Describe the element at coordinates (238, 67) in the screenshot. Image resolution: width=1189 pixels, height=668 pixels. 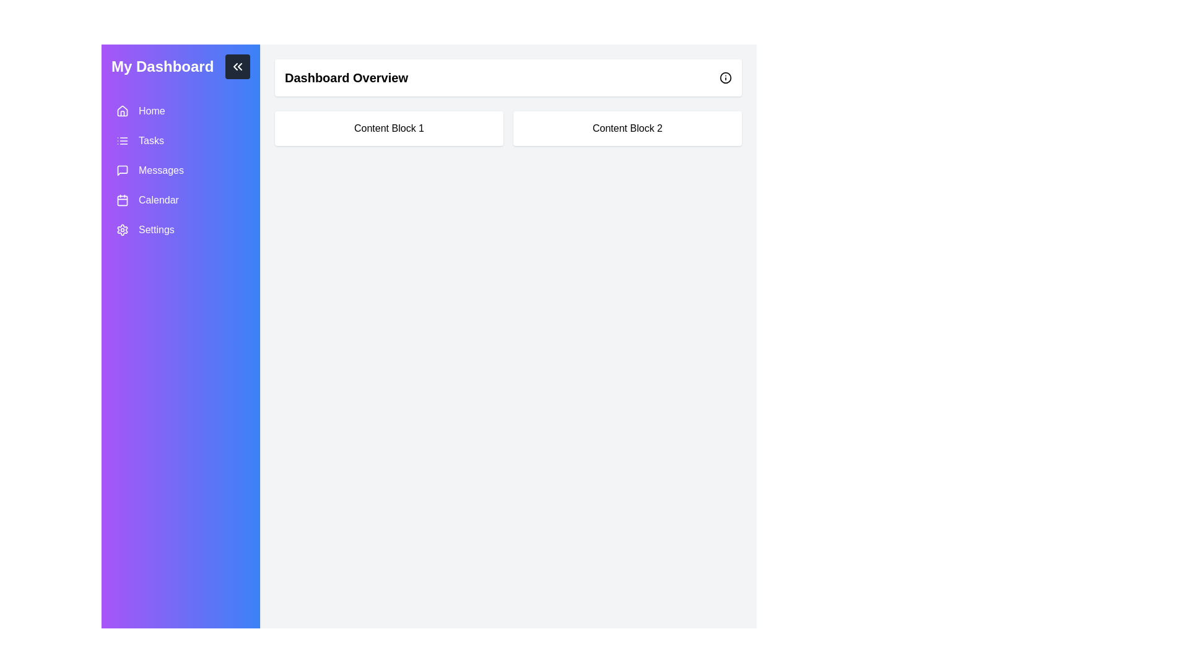
I see `the button located in the top-right area of the sidebar, which is intended` at that location.